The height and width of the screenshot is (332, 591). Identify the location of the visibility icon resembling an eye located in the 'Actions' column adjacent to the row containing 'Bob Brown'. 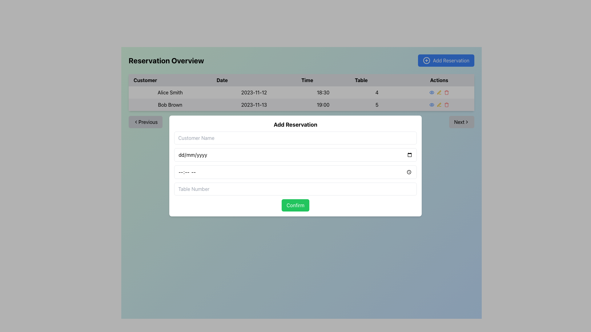
(431, 104).